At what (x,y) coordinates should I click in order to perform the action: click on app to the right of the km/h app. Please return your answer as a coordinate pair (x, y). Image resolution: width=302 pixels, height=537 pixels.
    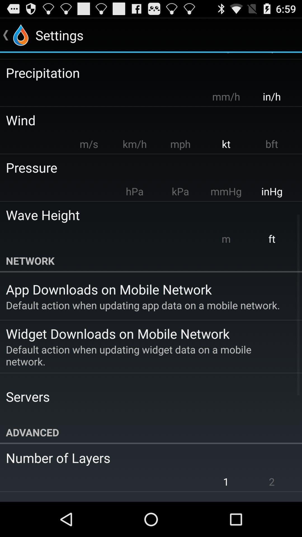
    Looking at the image, I should click on (180, 144).